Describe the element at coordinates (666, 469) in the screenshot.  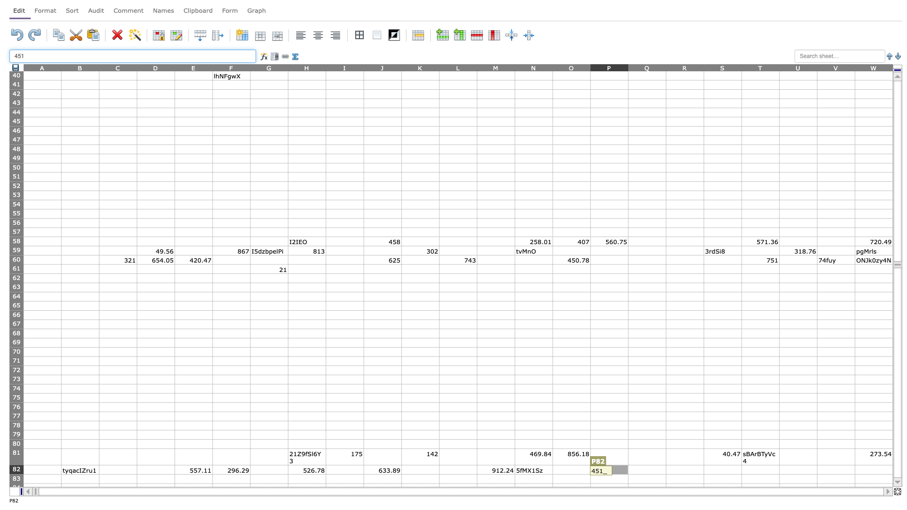
I see `Right boundary of cell Q82` at that location.